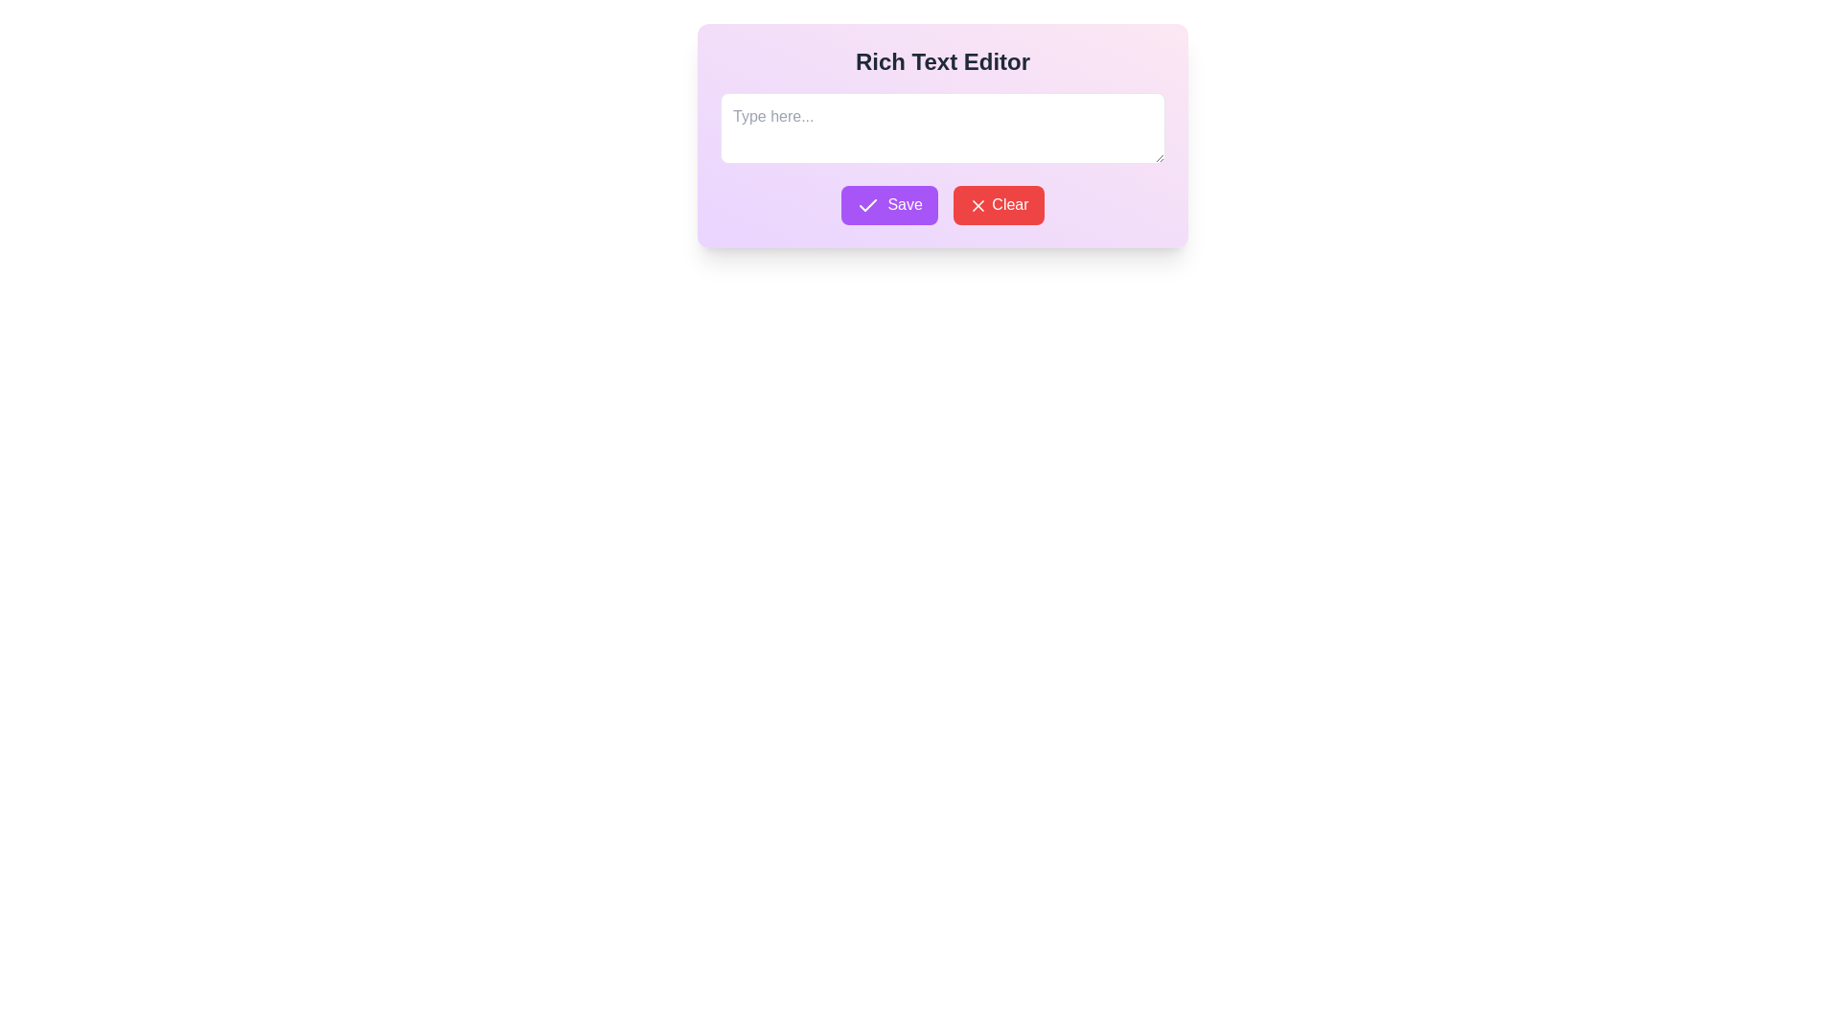 This screenshot has width=1840, height=1035. Describe the element at coordinates (867, 205) in the screenshot. I see `the checkmark icon that signifies a completed task, located on the top left of the purple 'Save' button` at that location.